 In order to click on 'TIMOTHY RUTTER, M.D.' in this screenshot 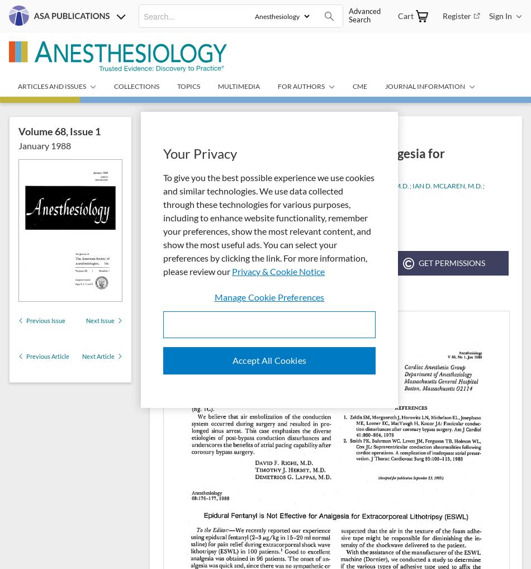, I will do `click(200, 193)`.